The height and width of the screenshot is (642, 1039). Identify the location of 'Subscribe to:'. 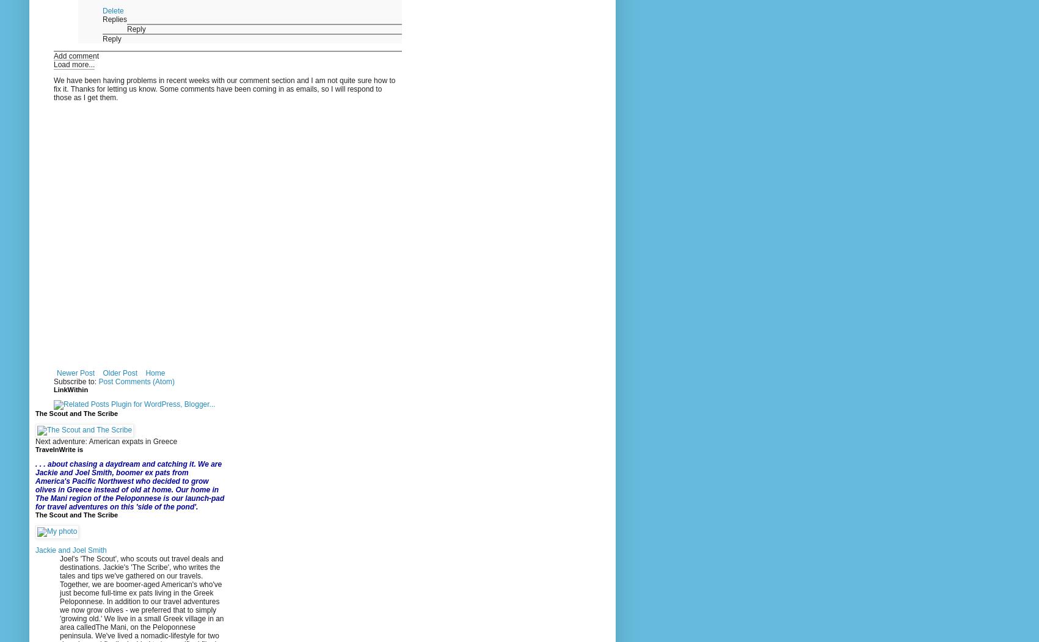
(75, 381).